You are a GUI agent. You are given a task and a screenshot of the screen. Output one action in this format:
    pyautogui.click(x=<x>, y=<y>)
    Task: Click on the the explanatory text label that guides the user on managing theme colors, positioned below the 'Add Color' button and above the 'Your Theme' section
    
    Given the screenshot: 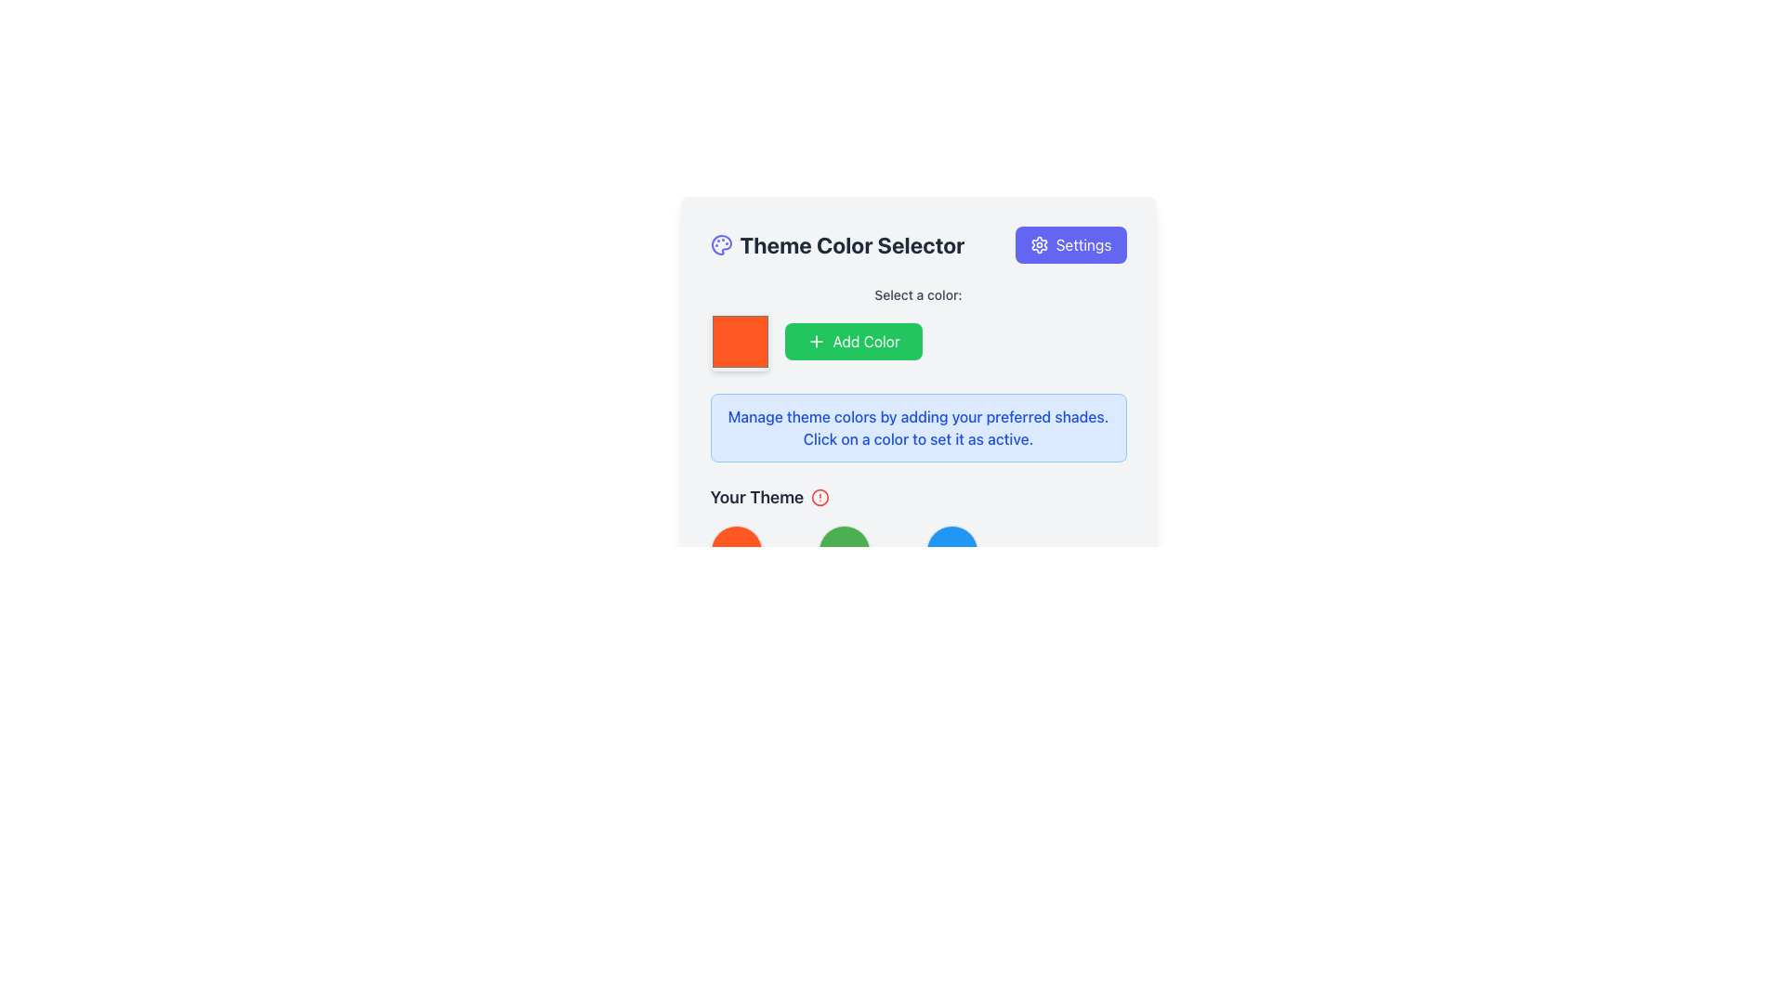 What is the action you would take?
    pyautogui.click(x=918, y=428)
    